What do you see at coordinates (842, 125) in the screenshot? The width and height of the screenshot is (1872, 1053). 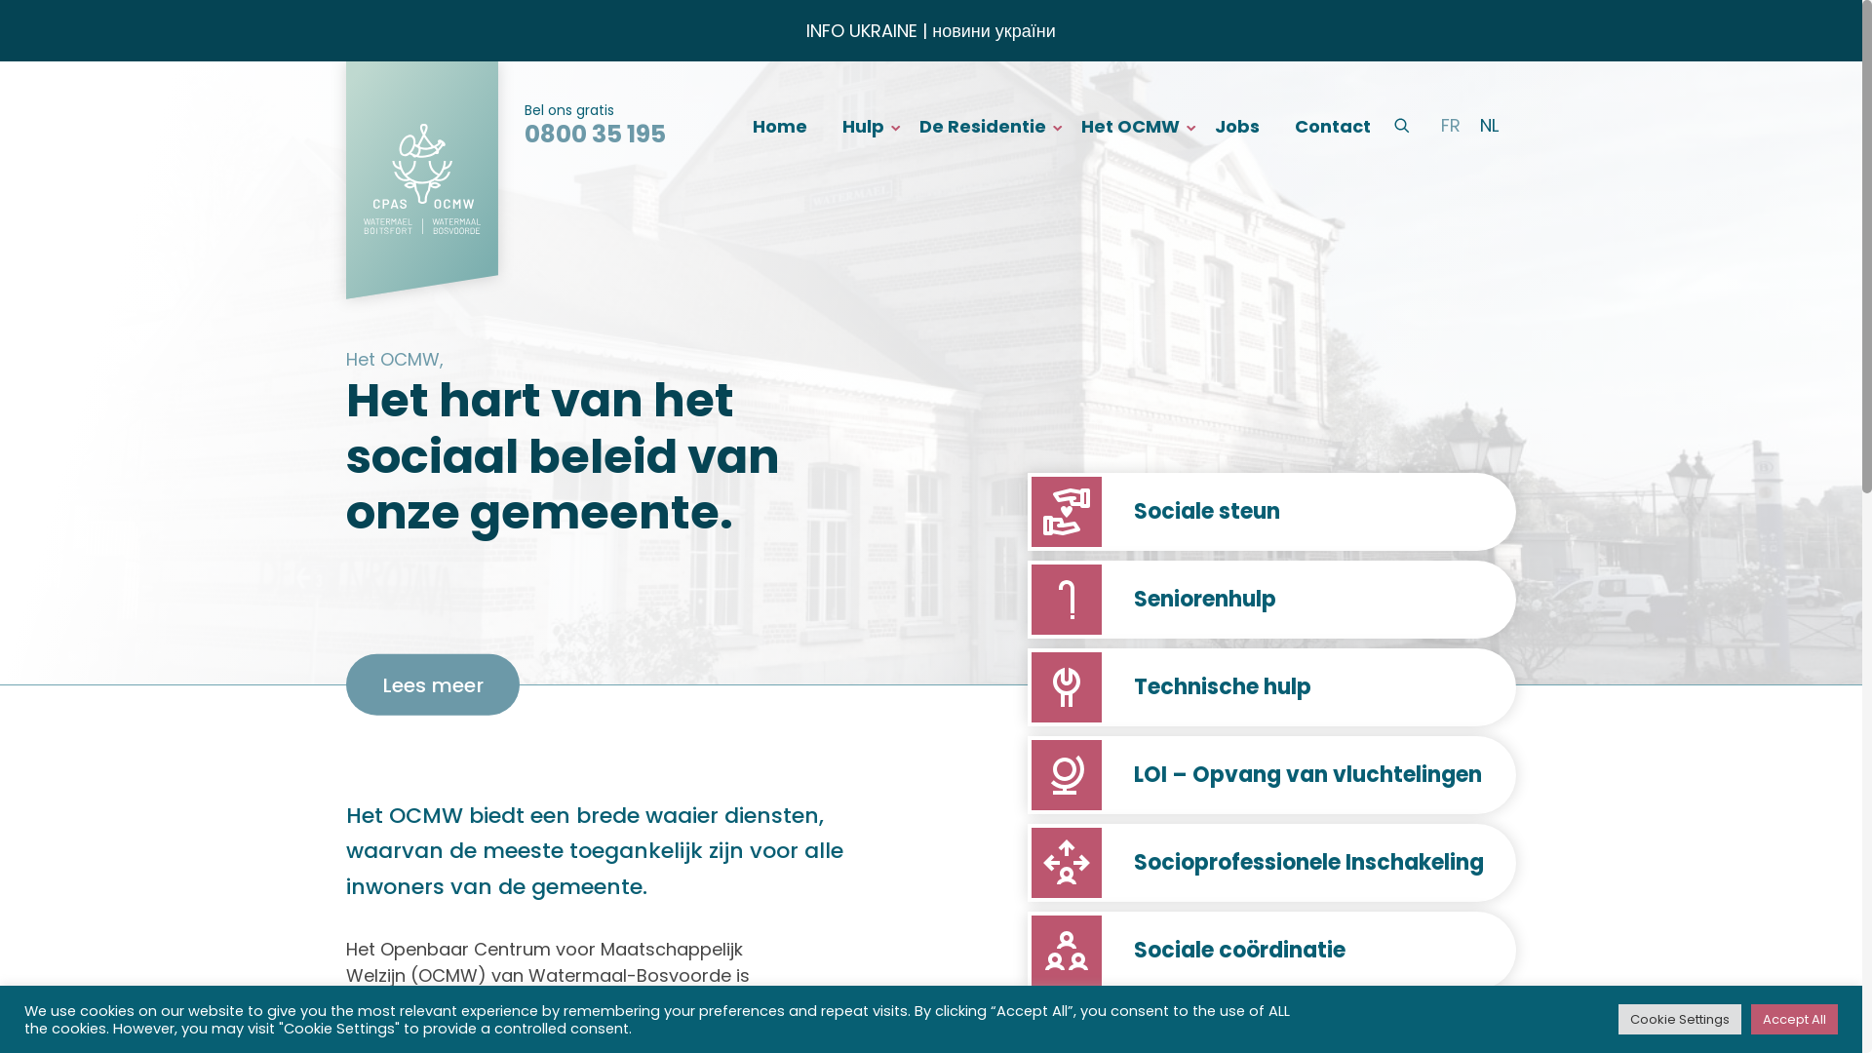 I see `'Hulp'` at bounding box center [842, 125].